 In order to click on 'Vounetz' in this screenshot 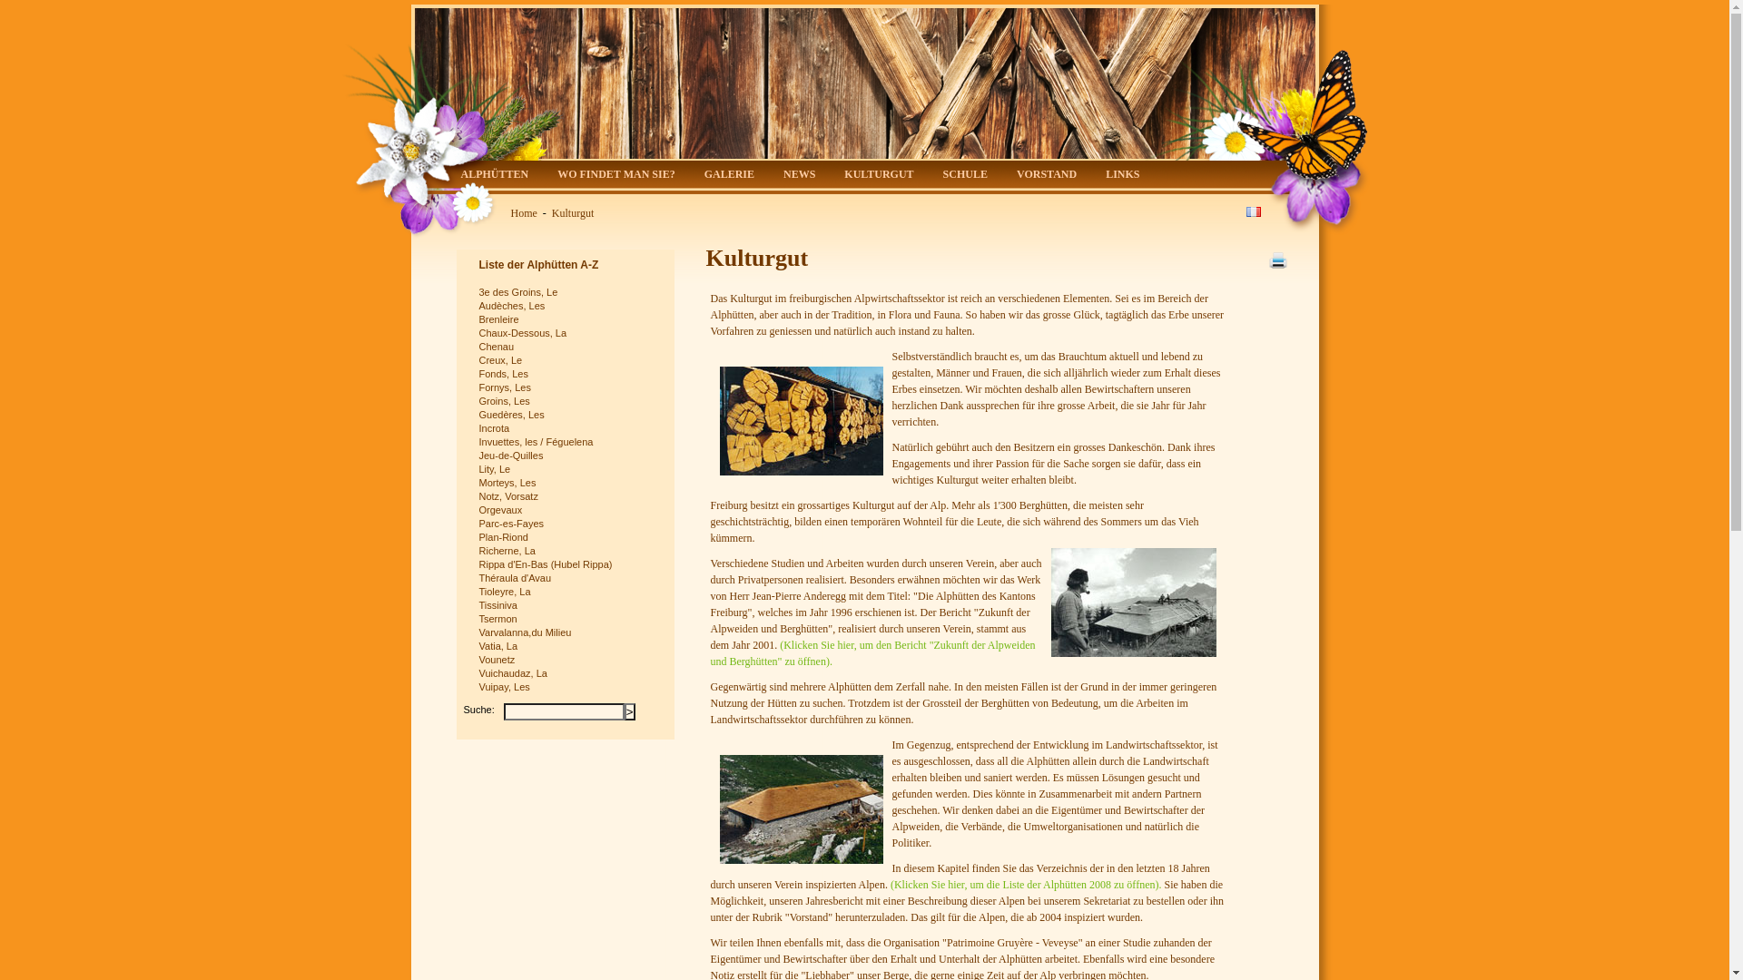, I will do `click(566, 660)`.